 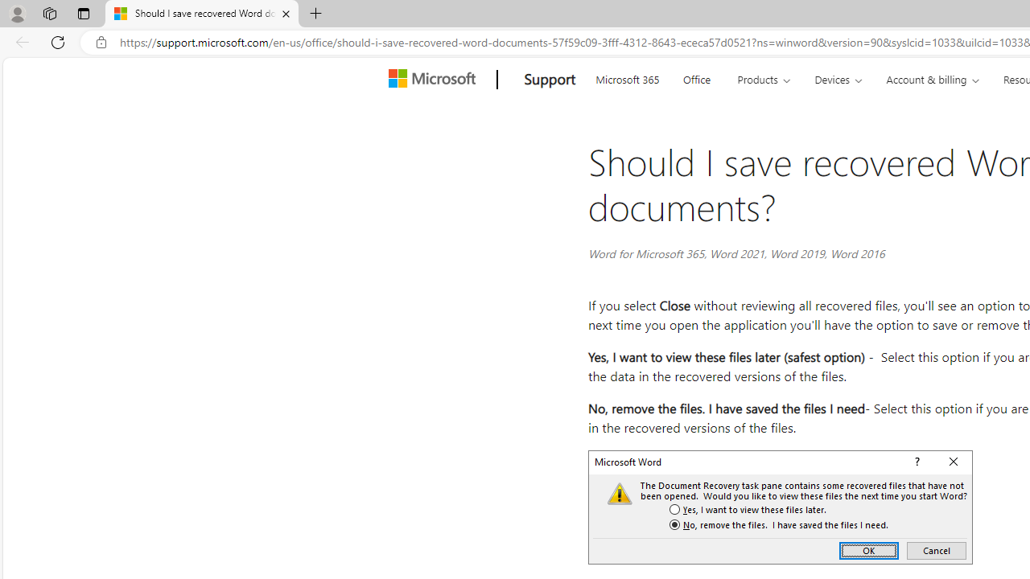 I want to click on 'Tab actions menu', so click(x=83, y=13).